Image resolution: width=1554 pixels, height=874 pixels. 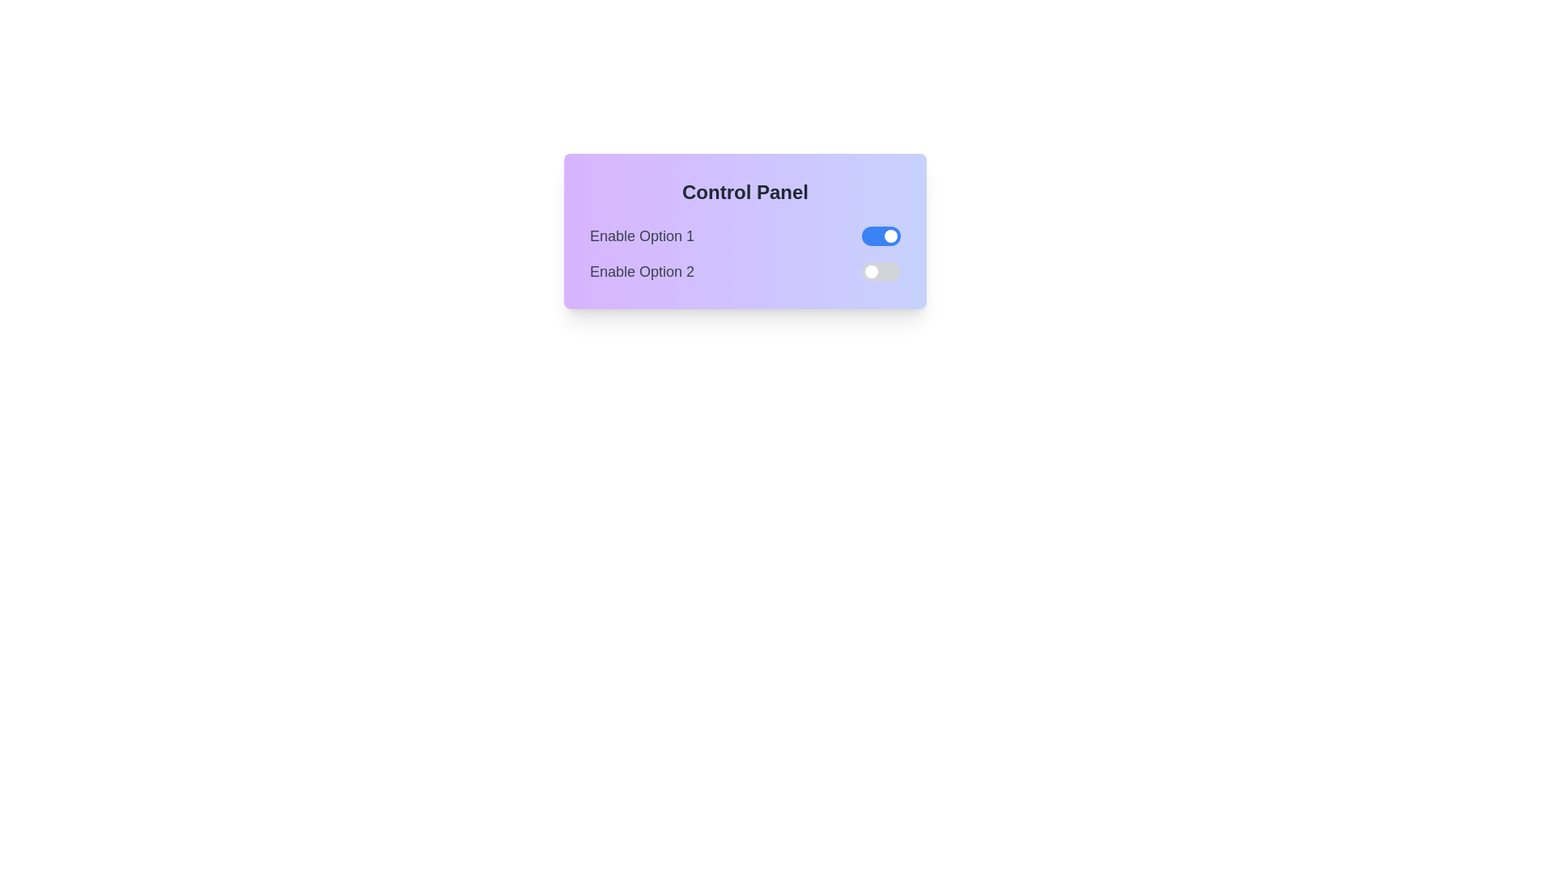 I want to click on the left circular Toggle Knob, which is inside the rounded rectangular switch labeled 'Enable Option 2', so click(x=870, y=270).